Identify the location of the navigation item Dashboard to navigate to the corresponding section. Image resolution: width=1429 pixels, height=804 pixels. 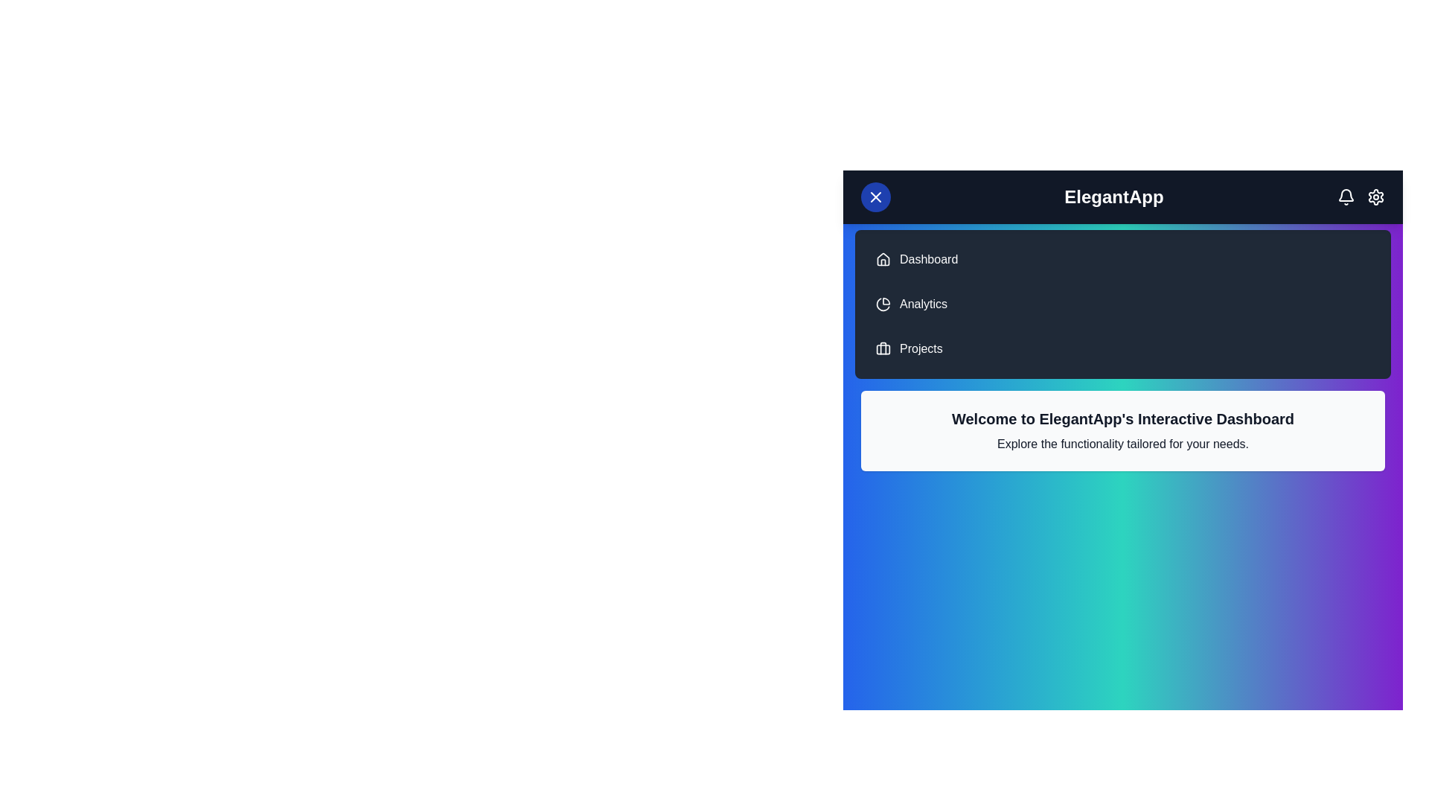
(928, 258).